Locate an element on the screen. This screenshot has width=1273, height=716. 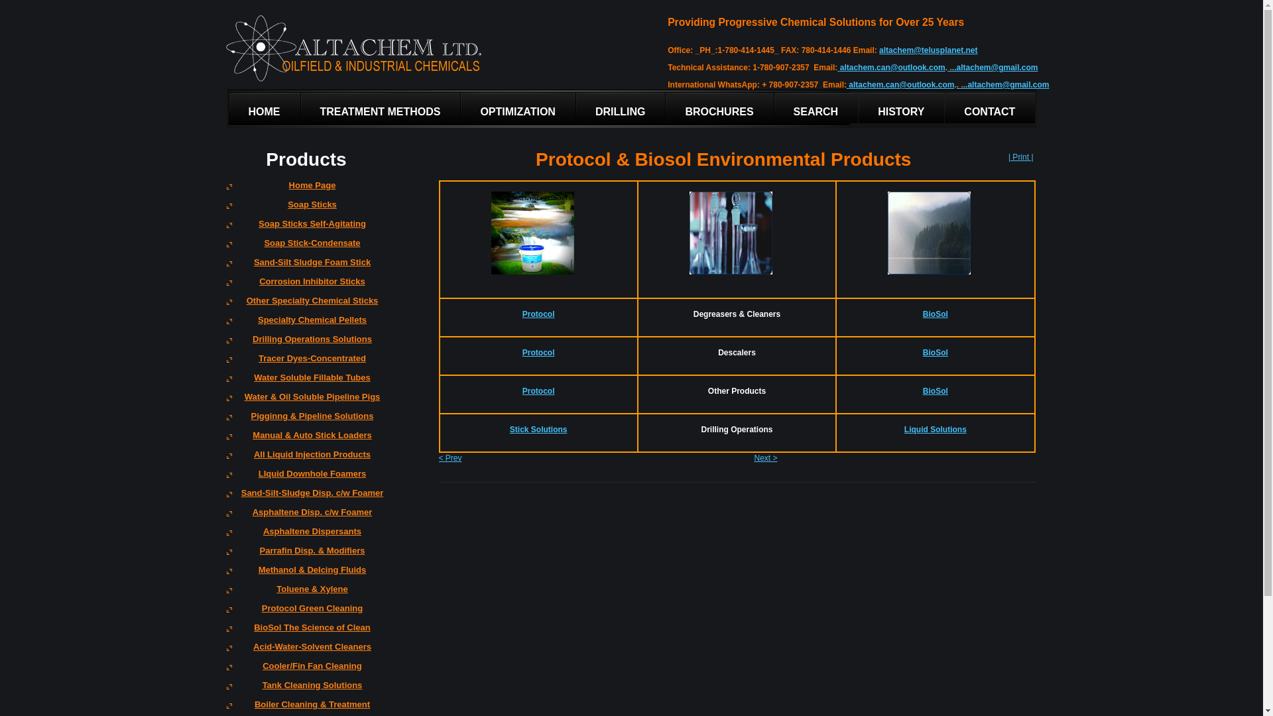
'Protocol' is located at coordinates (538, 314).